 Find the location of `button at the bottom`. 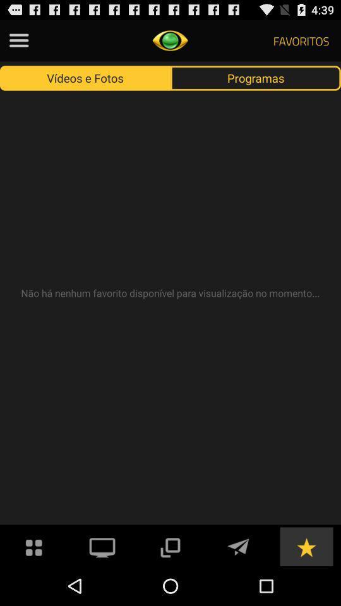

button at the bottom is located at coordinates (170, 545).